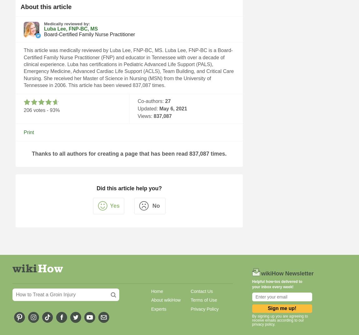 This screenshot has width=359, height=335. Describe the element at coordinates (156, 205) in the screenshot. I see `'No'` at that location.